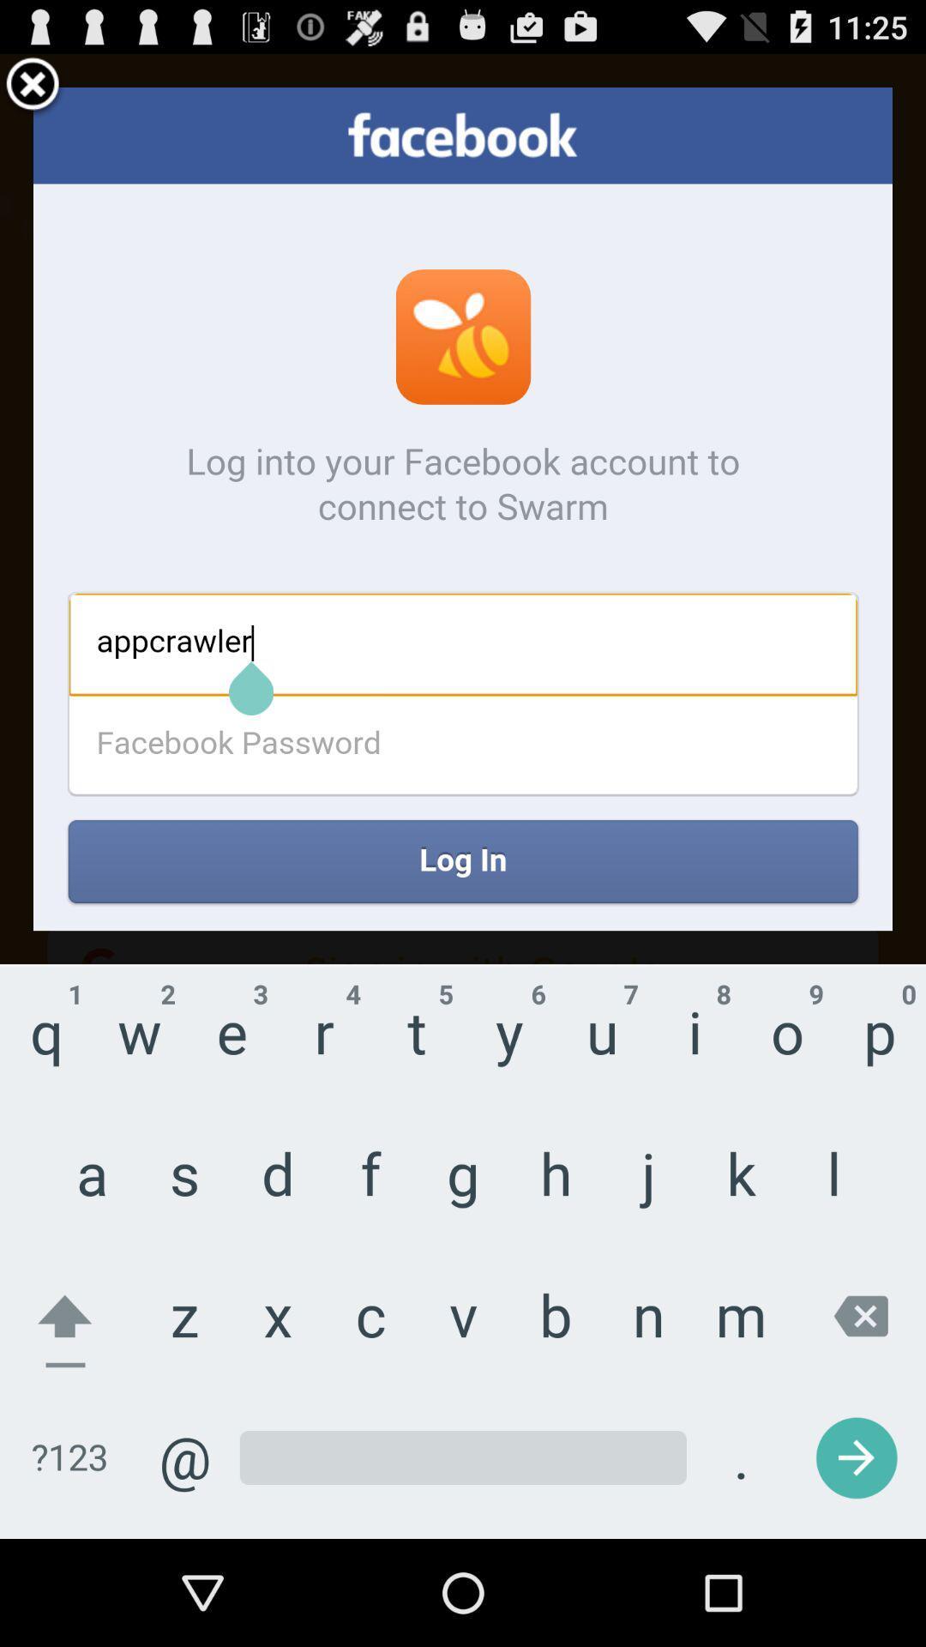 This screenshot has height=1647, width=926. What do you see at coordinates (816, 1430) in the screenshot?
I see `the arrow_forward icon` at bounding box center [816, 1430].